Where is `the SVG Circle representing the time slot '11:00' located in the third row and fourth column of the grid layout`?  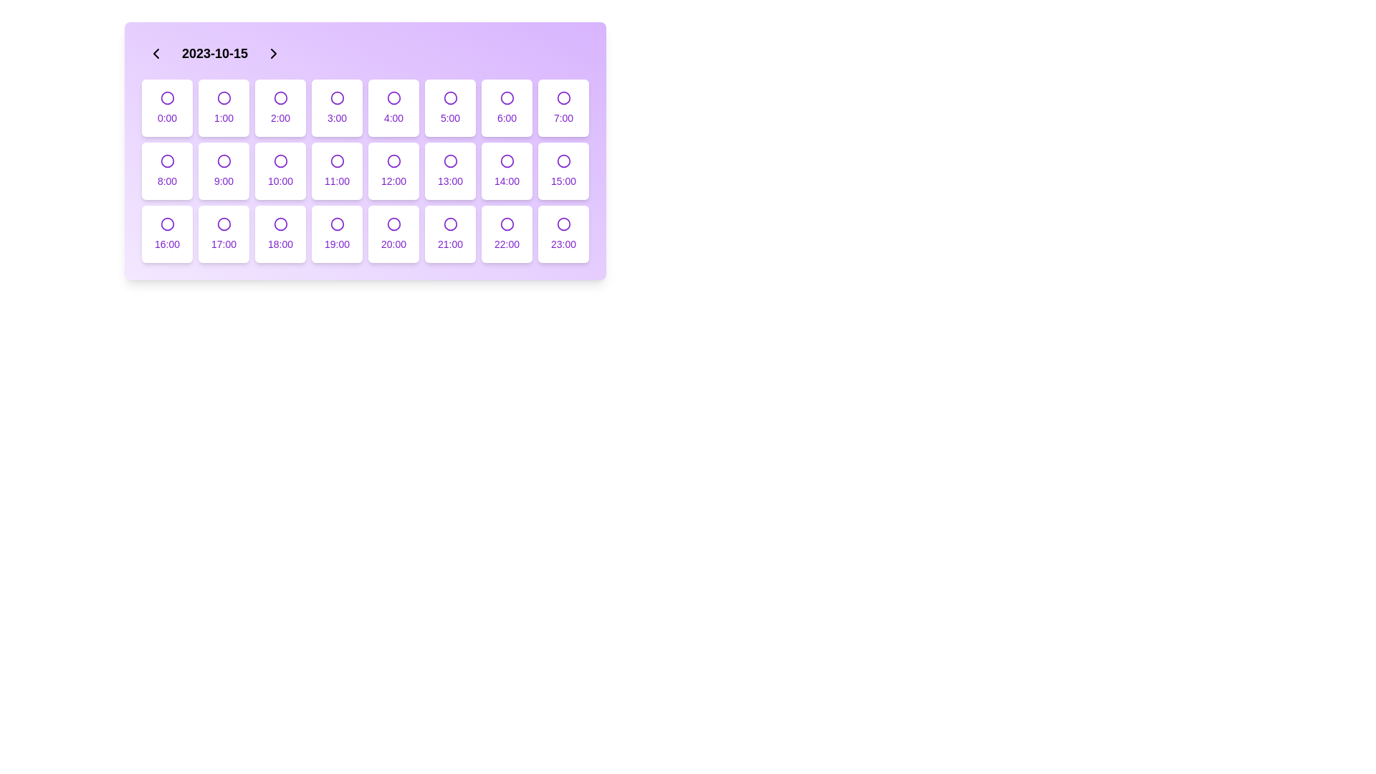 the SVG Circle representing the time slot '11:00' located in the third row and fourth column of the grid layout is located at coordinates (336, 161).